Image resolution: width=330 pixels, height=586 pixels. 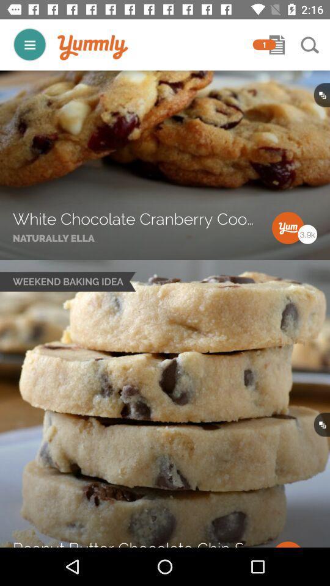 I want to click on the  1, so click(x=263, y=45).